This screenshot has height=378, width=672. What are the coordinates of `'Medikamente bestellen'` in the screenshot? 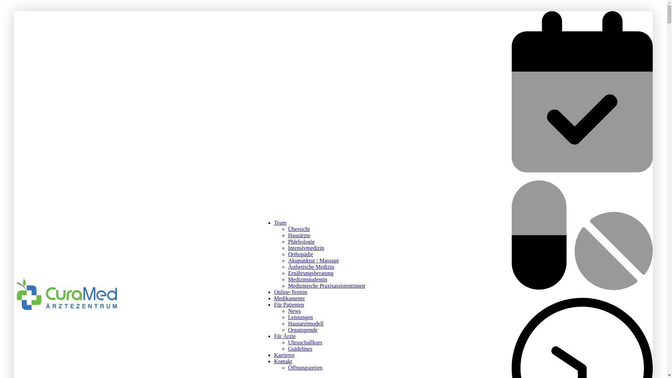 It's located at (582, 175).